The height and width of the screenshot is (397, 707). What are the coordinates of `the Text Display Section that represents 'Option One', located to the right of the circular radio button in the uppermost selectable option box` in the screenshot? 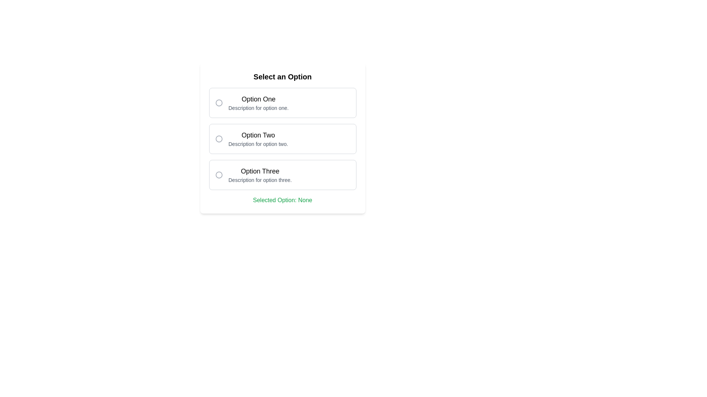 It's located at (258, 103).